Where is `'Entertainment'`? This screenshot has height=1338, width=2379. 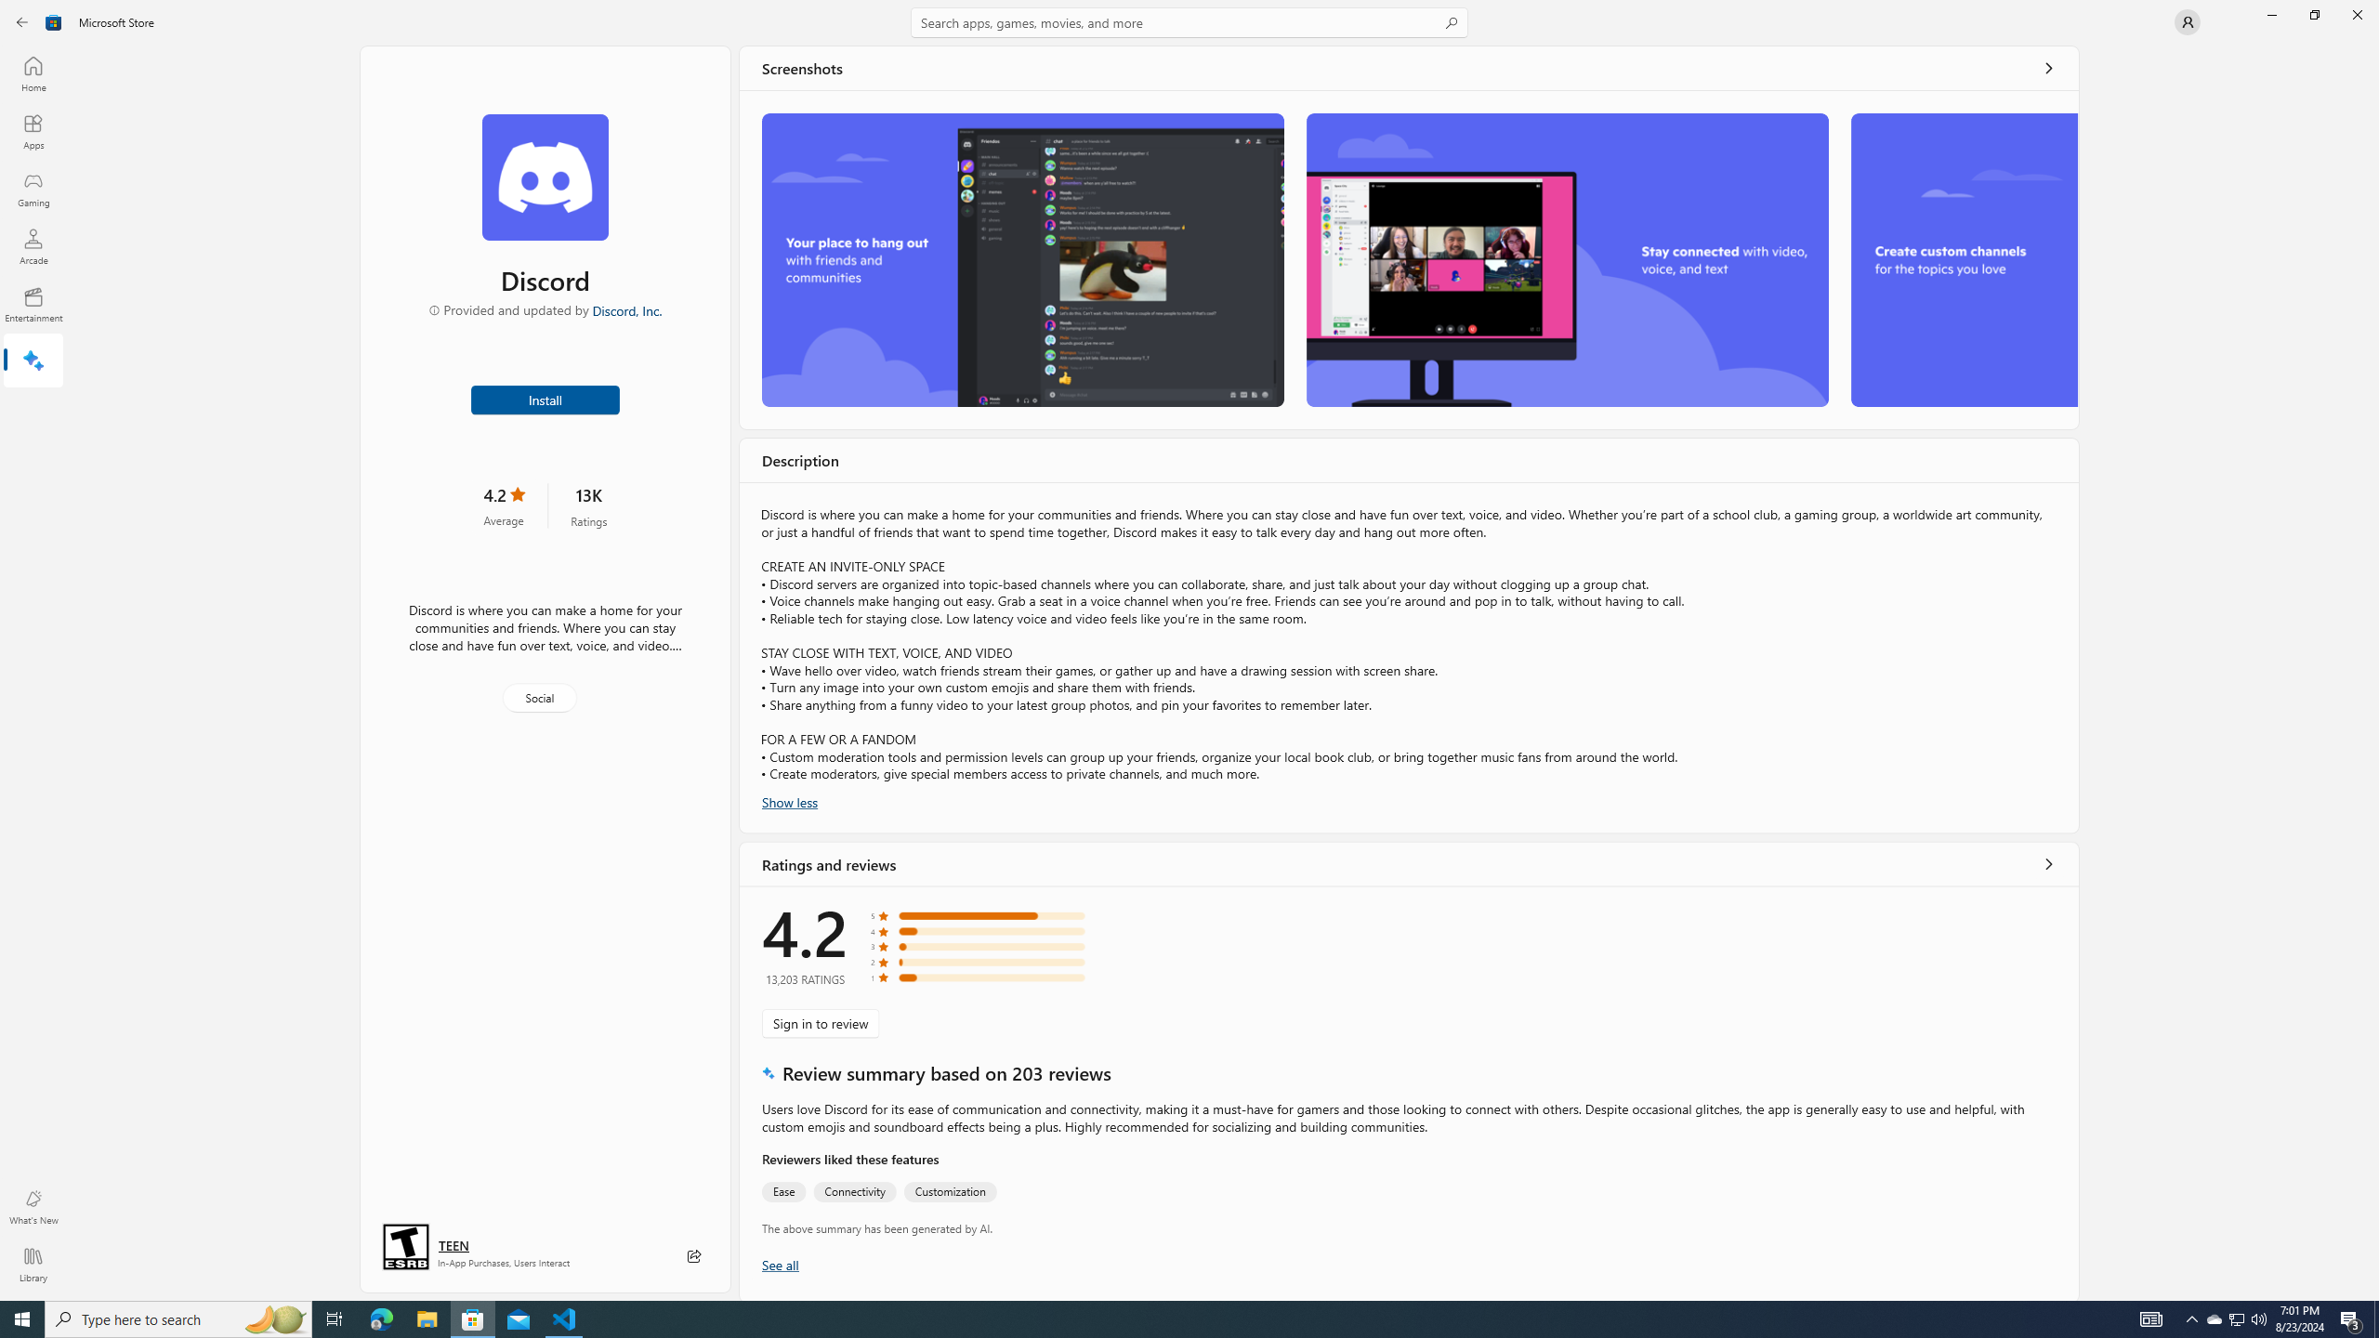
'Entertainment' is located at coordinates (32, 303).